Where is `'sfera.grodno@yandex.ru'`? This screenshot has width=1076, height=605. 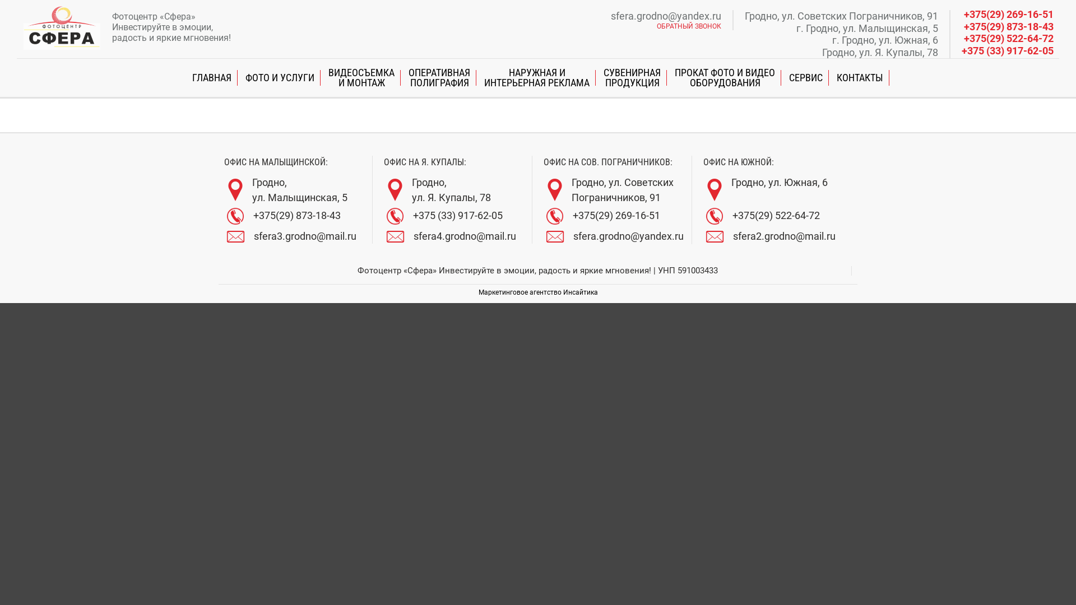 'sfera.grodno@yandex.ru' is located at coordinates (666, 16).